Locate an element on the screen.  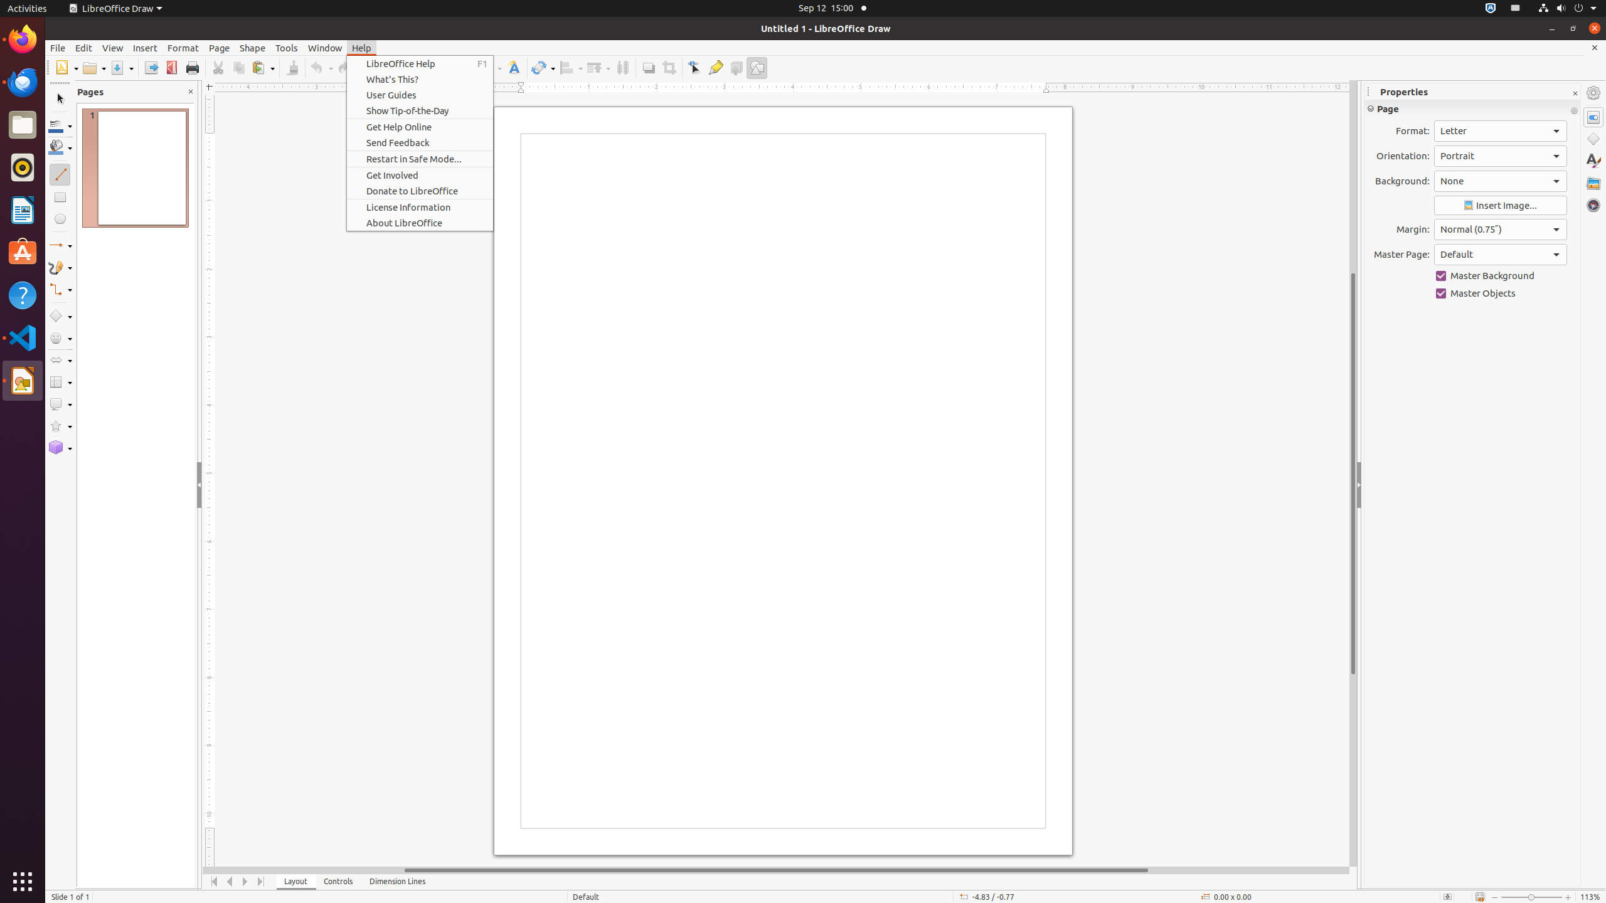
':1.21/StatusNotifierItem' is located at coordinates (1514, 8).